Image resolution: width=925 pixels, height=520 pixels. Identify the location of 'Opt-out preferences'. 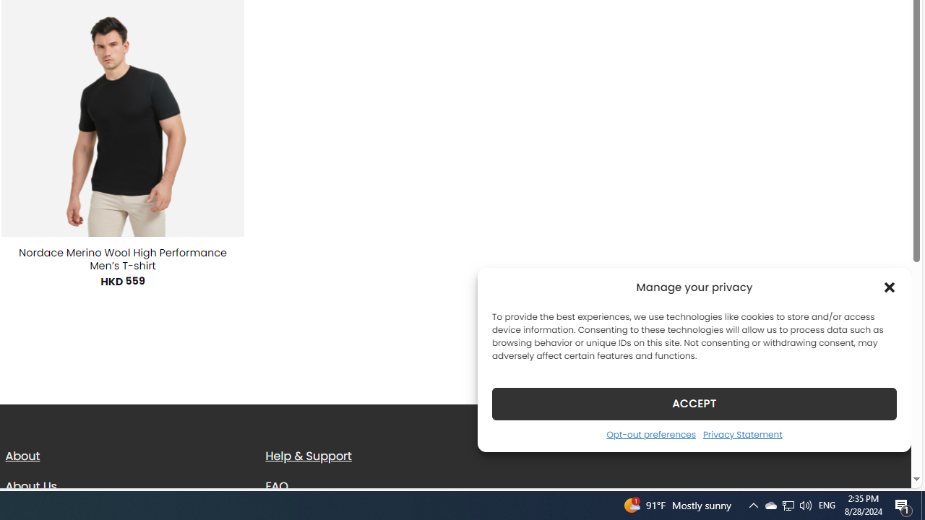
(650, 433).